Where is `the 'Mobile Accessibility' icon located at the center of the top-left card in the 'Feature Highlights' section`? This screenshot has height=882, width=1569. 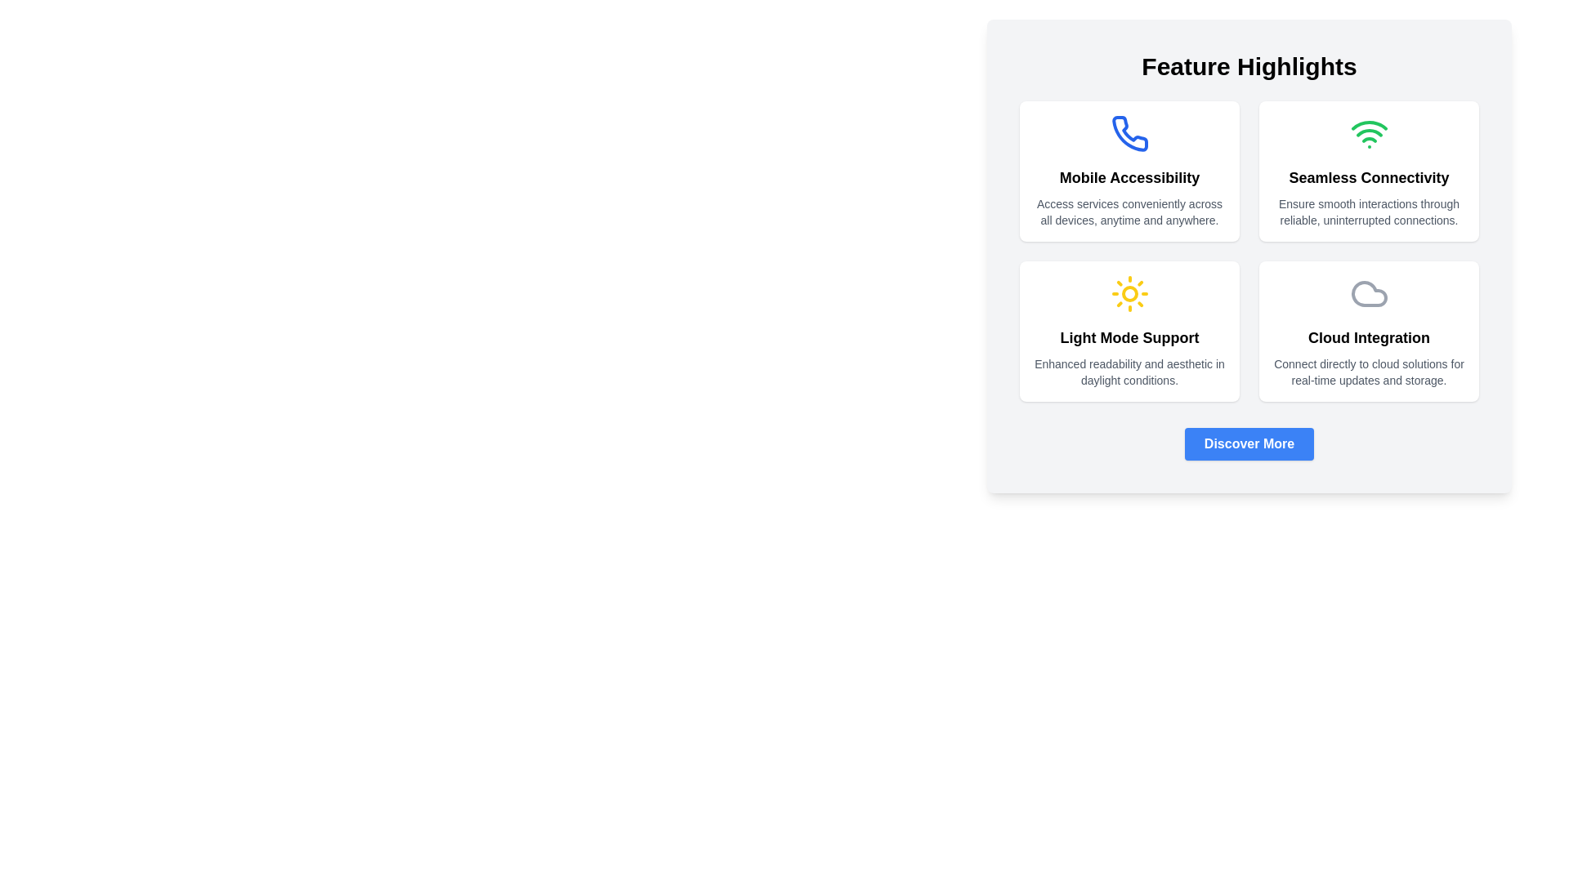 the 'Mobile Accessibility' icon located at the center of the top-left card in the 'Feature Highlights' section is located at coordinates (1129, 133).